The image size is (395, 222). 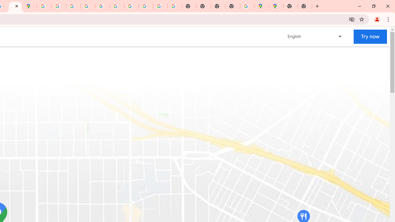 I want to click on 'New Tab', so click(x=305, y=6).